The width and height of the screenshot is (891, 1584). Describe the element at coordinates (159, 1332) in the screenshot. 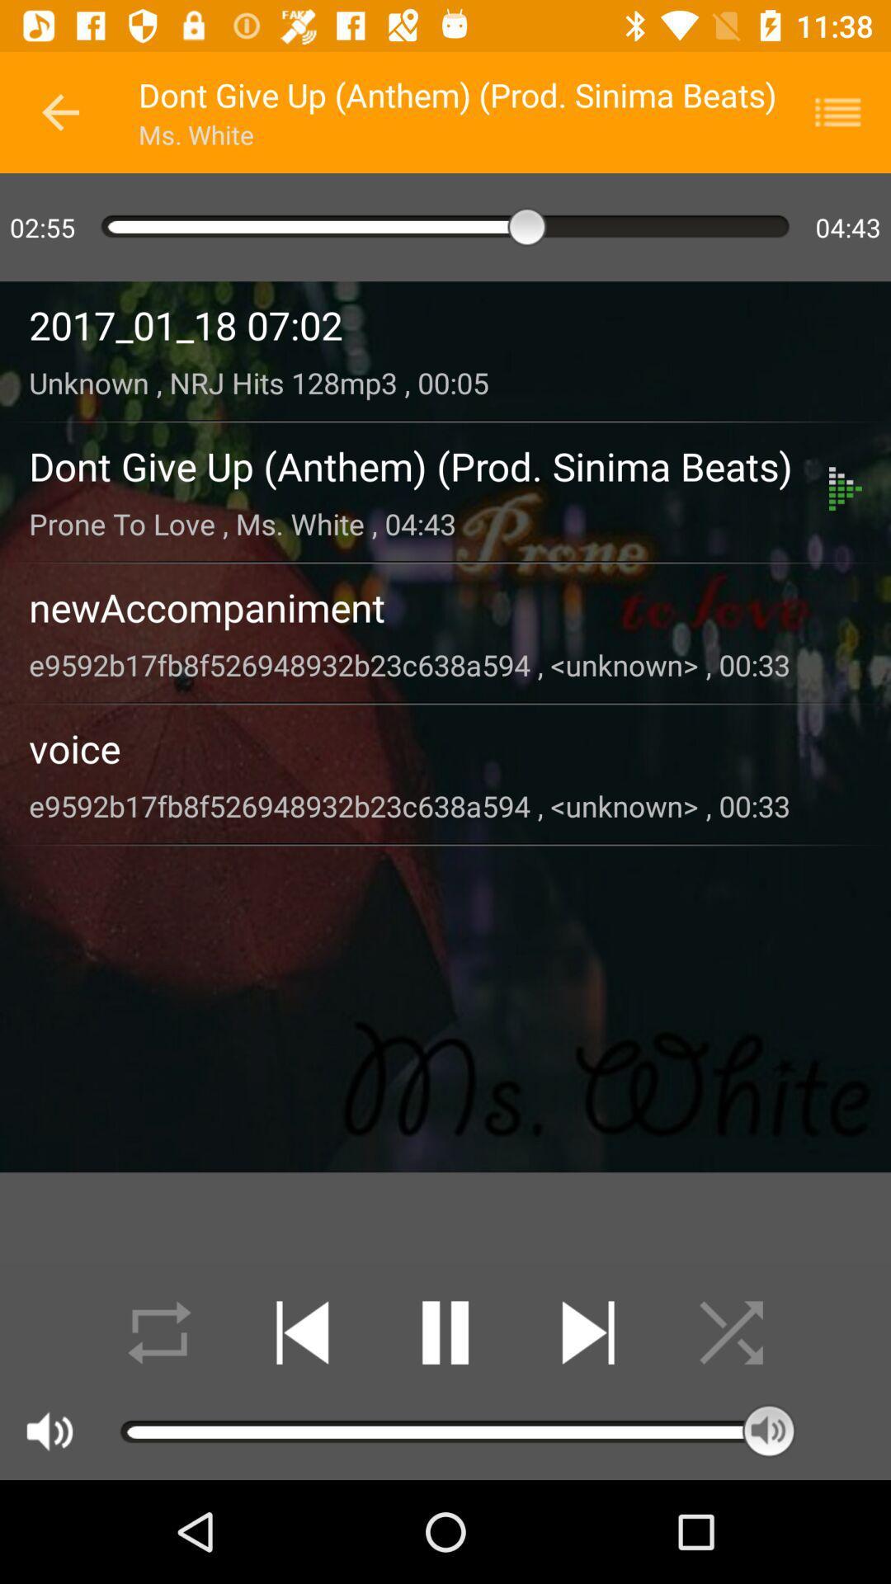

I see `the repeat icon` at that location.